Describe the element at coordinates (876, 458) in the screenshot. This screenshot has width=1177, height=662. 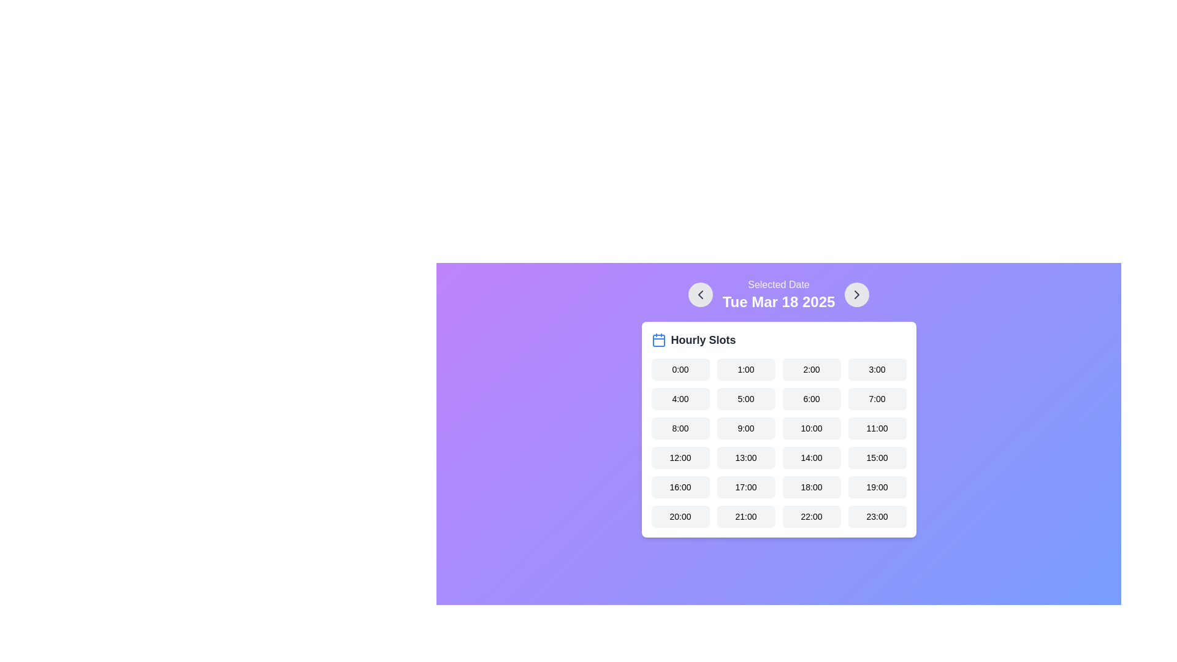
I see `the button representing the selectable time slot for '15:00'` at that location.